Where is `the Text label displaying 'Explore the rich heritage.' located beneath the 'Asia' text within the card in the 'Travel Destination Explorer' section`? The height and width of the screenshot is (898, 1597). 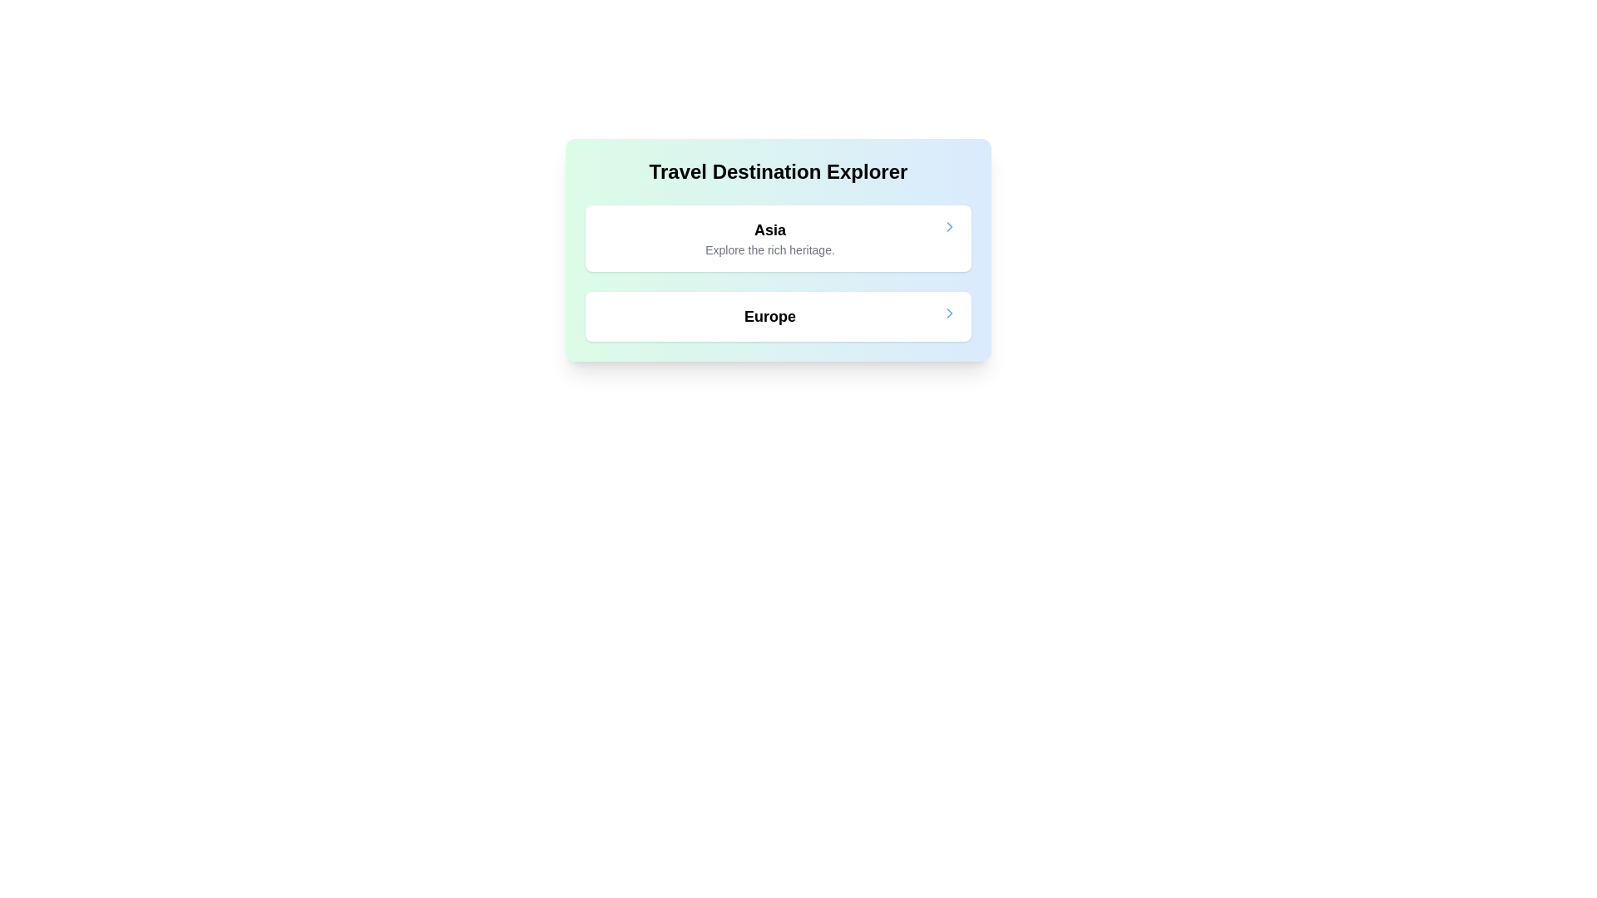
the Text label displaying 'Explore the rich heritage.' located beneath the 'Asia' text within the card in the 'Travel Destination Explorer' section is located at coordinates (769, 249).